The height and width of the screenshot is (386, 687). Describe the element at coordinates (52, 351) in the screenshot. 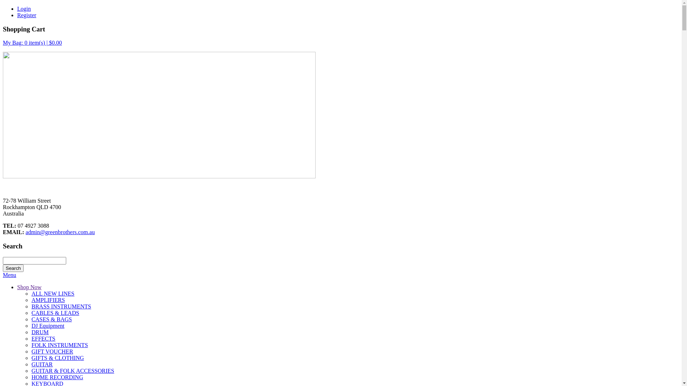

I see `'GIFT VOUCHER'` at that location.